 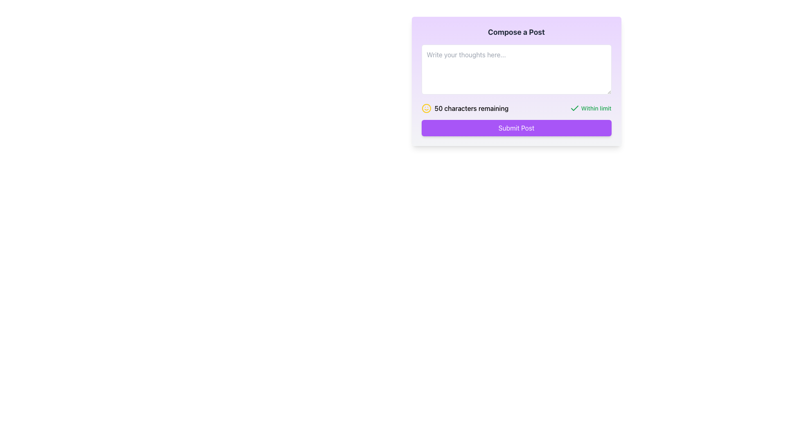 I want to click on the smiley icon located to the immediate left of the text '50 characters remaining', which indicates the character count status, so click(x=426, y=108).